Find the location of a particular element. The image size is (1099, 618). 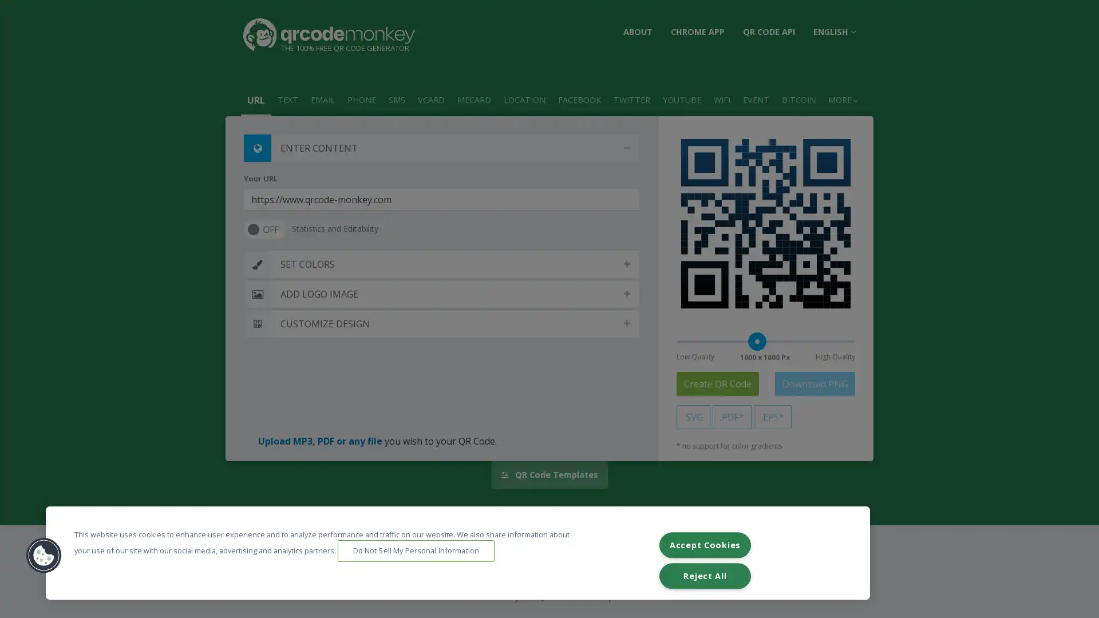

Do Not Sell My Personal Information is located at coordinates (415, 550).